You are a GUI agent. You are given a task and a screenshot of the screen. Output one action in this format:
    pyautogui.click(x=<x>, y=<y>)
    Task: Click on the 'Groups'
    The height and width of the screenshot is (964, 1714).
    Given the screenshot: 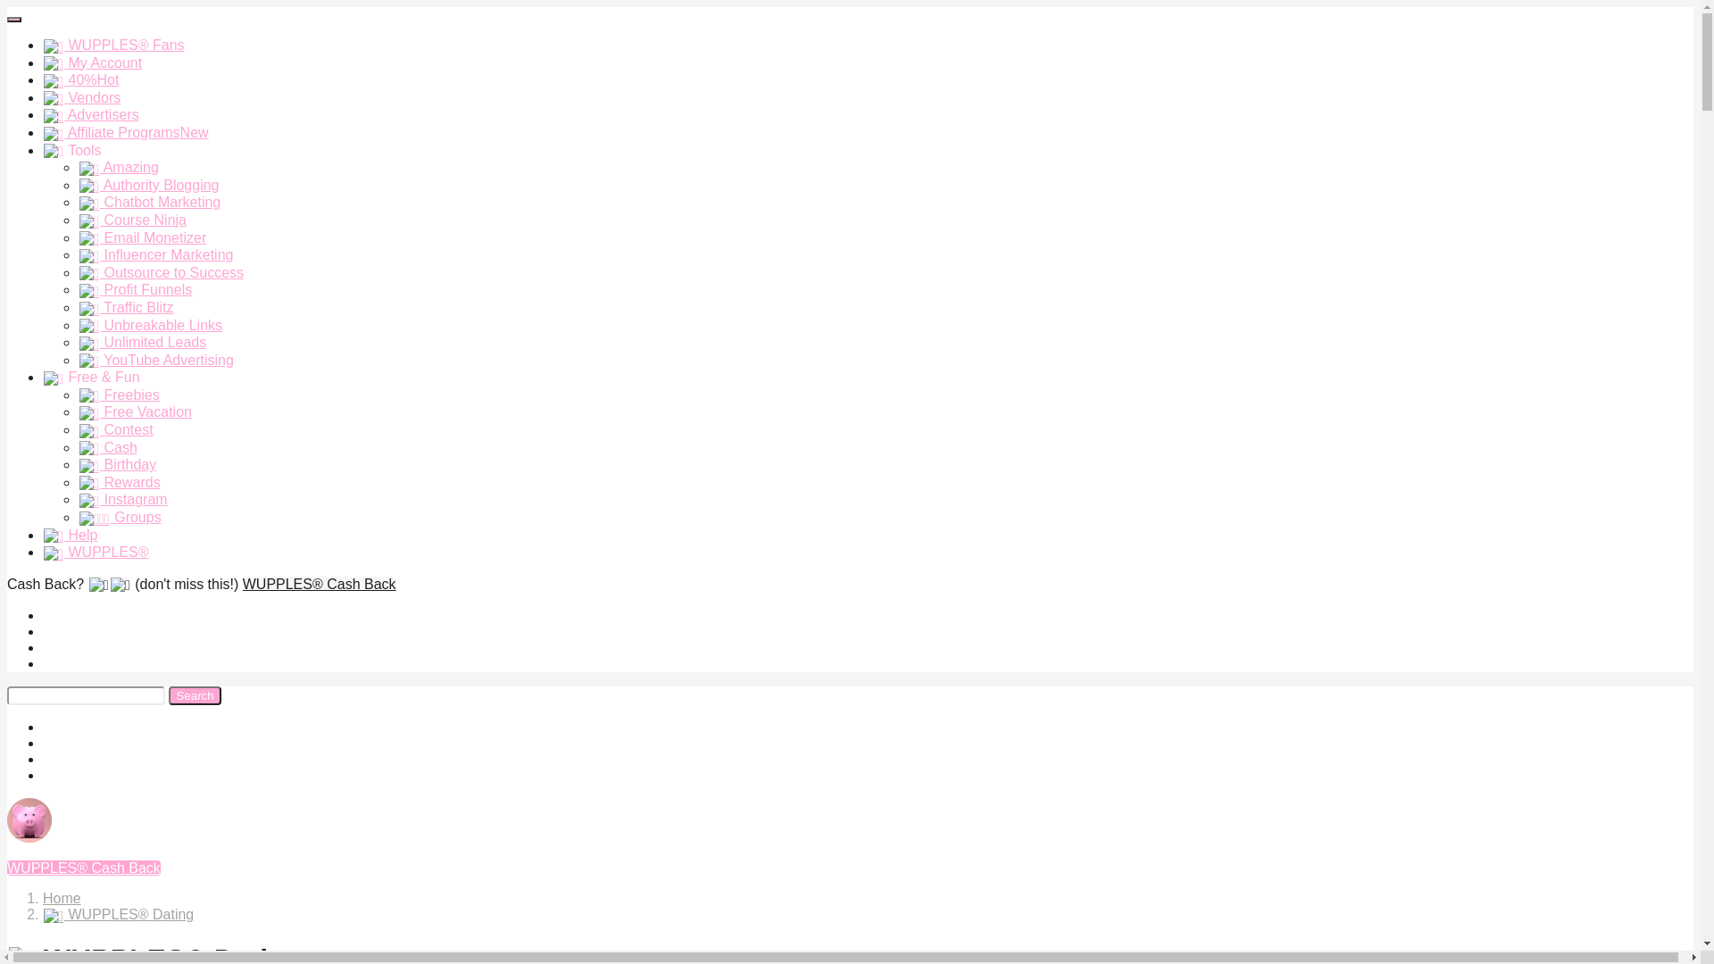 What is the action you would take?
    pyautogui.click(x=119, y=517)
    